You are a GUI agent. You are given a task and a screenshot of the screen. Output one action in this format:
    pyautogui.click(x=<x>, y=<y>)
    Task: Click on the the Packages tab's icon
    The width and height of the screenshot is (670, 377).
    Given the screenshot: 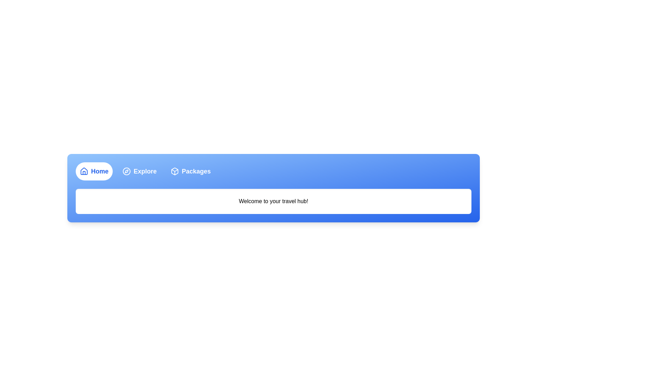 What is the action you would take?
    pyautogui.click(x=174, y=171)
    